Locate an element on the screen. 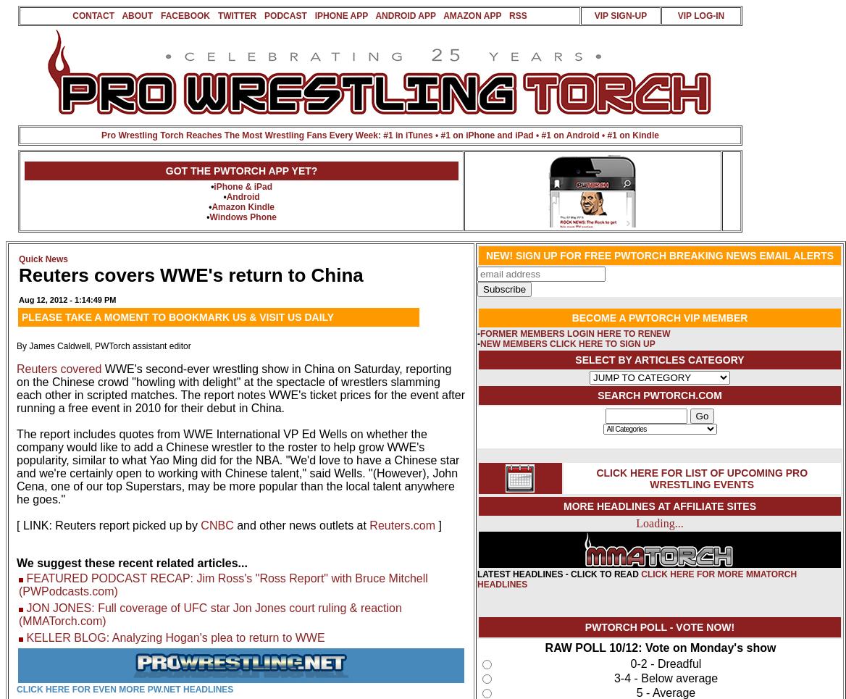 The image size is (846, 699). 'By James Caldwell, PWTorch assistant editor' is located at coordinates (102, 345).